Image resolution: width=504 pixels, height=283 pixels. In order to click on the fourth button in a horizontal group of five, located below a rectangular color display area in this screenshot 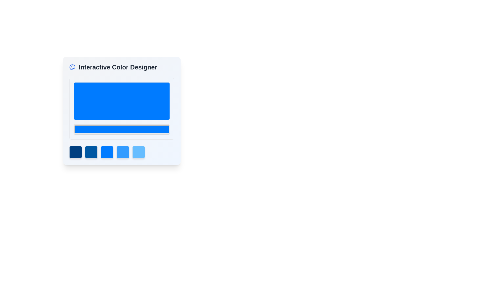, I will do `click(122, 152)`.